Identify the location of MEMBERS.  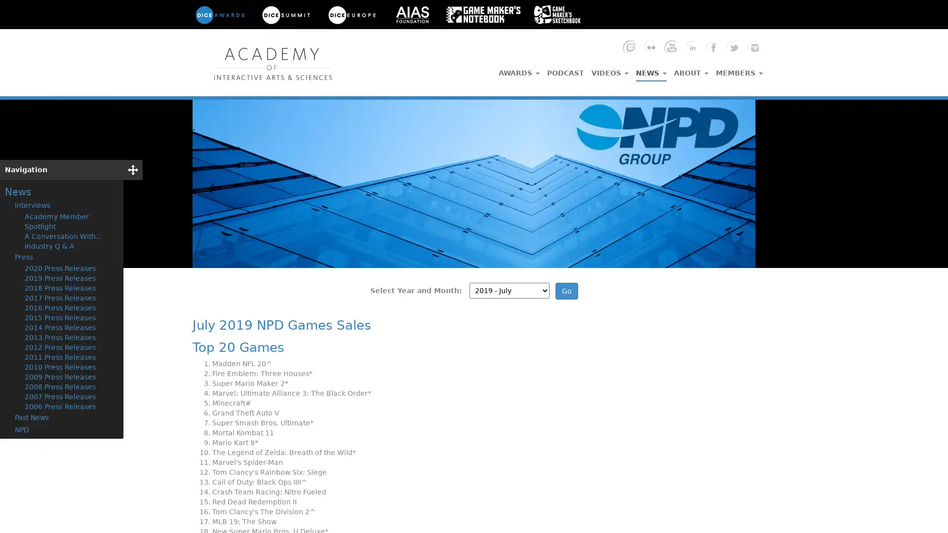
(739, 70).